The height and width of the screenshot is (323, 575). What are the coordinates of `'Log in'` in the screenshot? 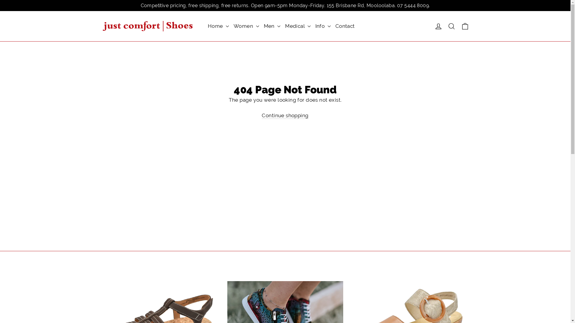 It's located at (432, 26).